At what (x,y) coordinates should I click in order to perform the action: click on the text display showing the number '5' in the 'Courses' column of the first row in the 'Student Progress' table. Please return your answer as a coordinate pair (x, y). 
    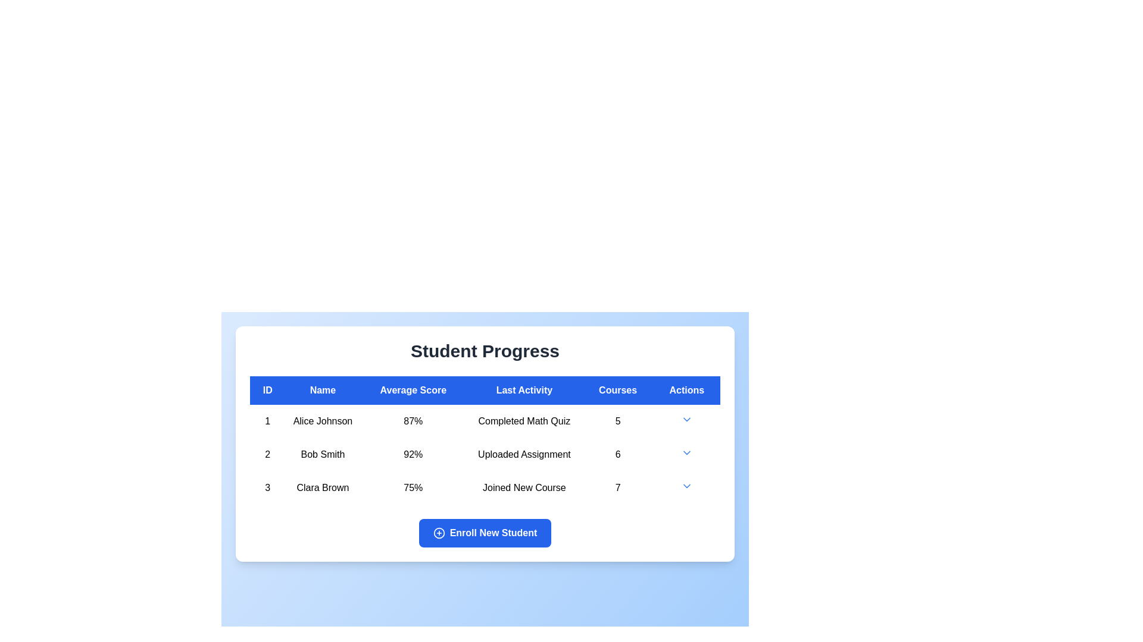
    Looking at the image, I should click on (618, 421).